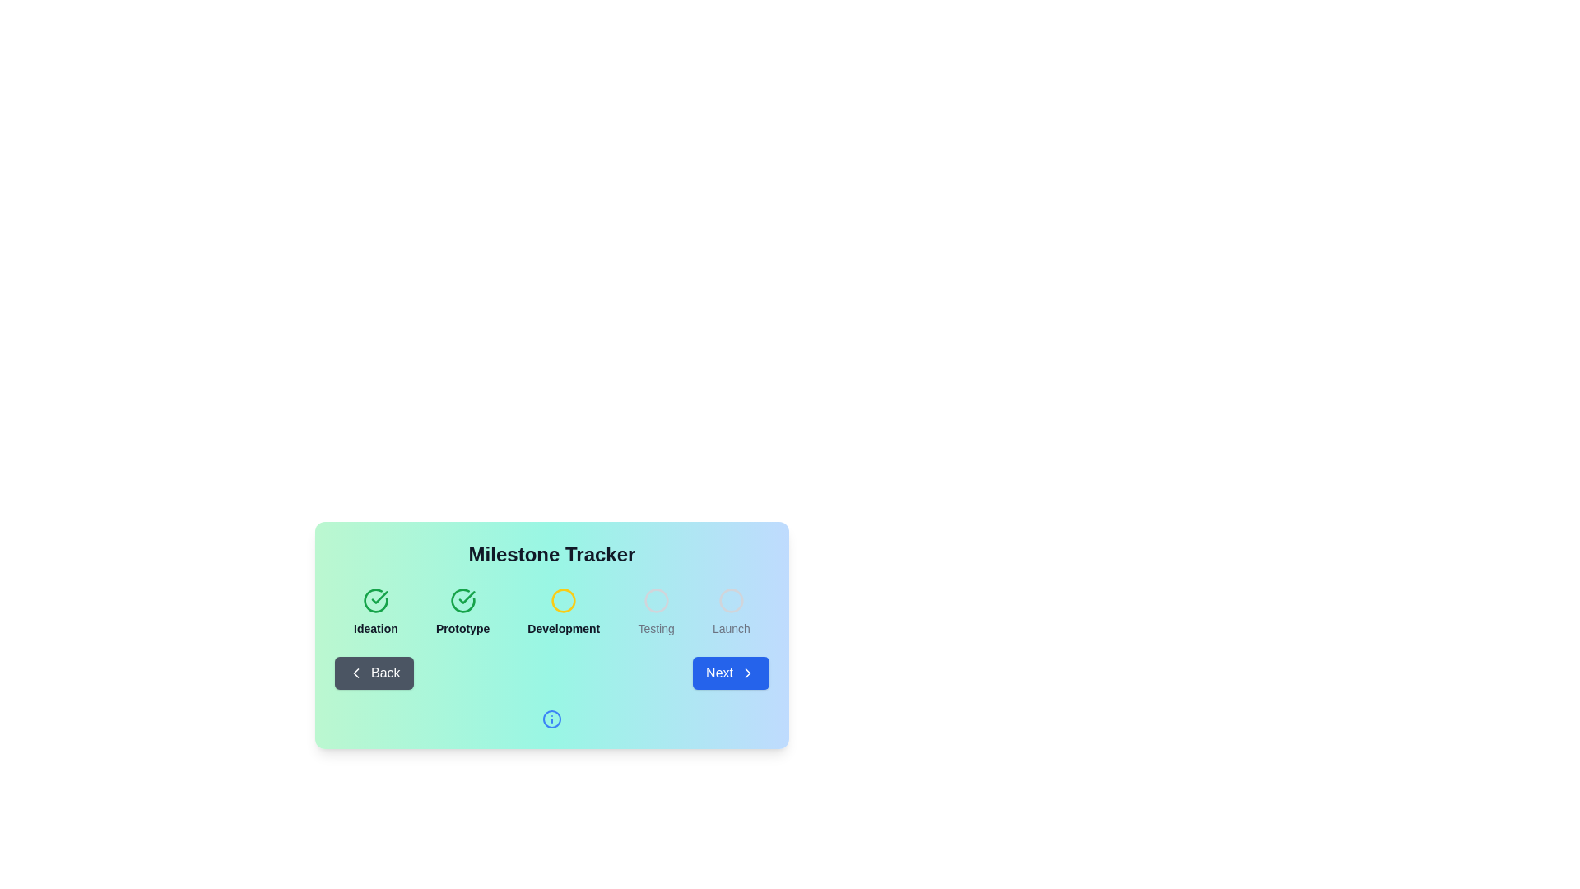  I want to click on text content of the label displaying 'Testing', which is the third element from the left in a horizontal milestone tracker interface, located beneath a circular icon, so click(655, 628).